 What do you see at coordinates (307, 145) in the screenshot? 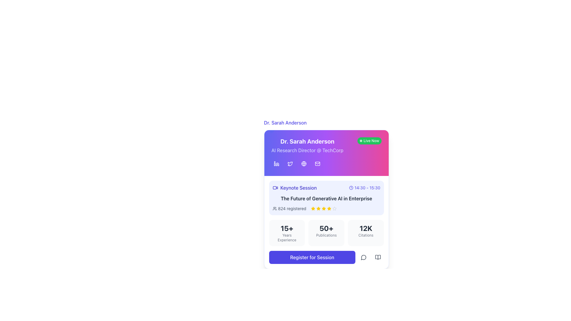
I see `the informational header Text Display that shows the name and professional title of an individual` at bounding box center [307, 145].